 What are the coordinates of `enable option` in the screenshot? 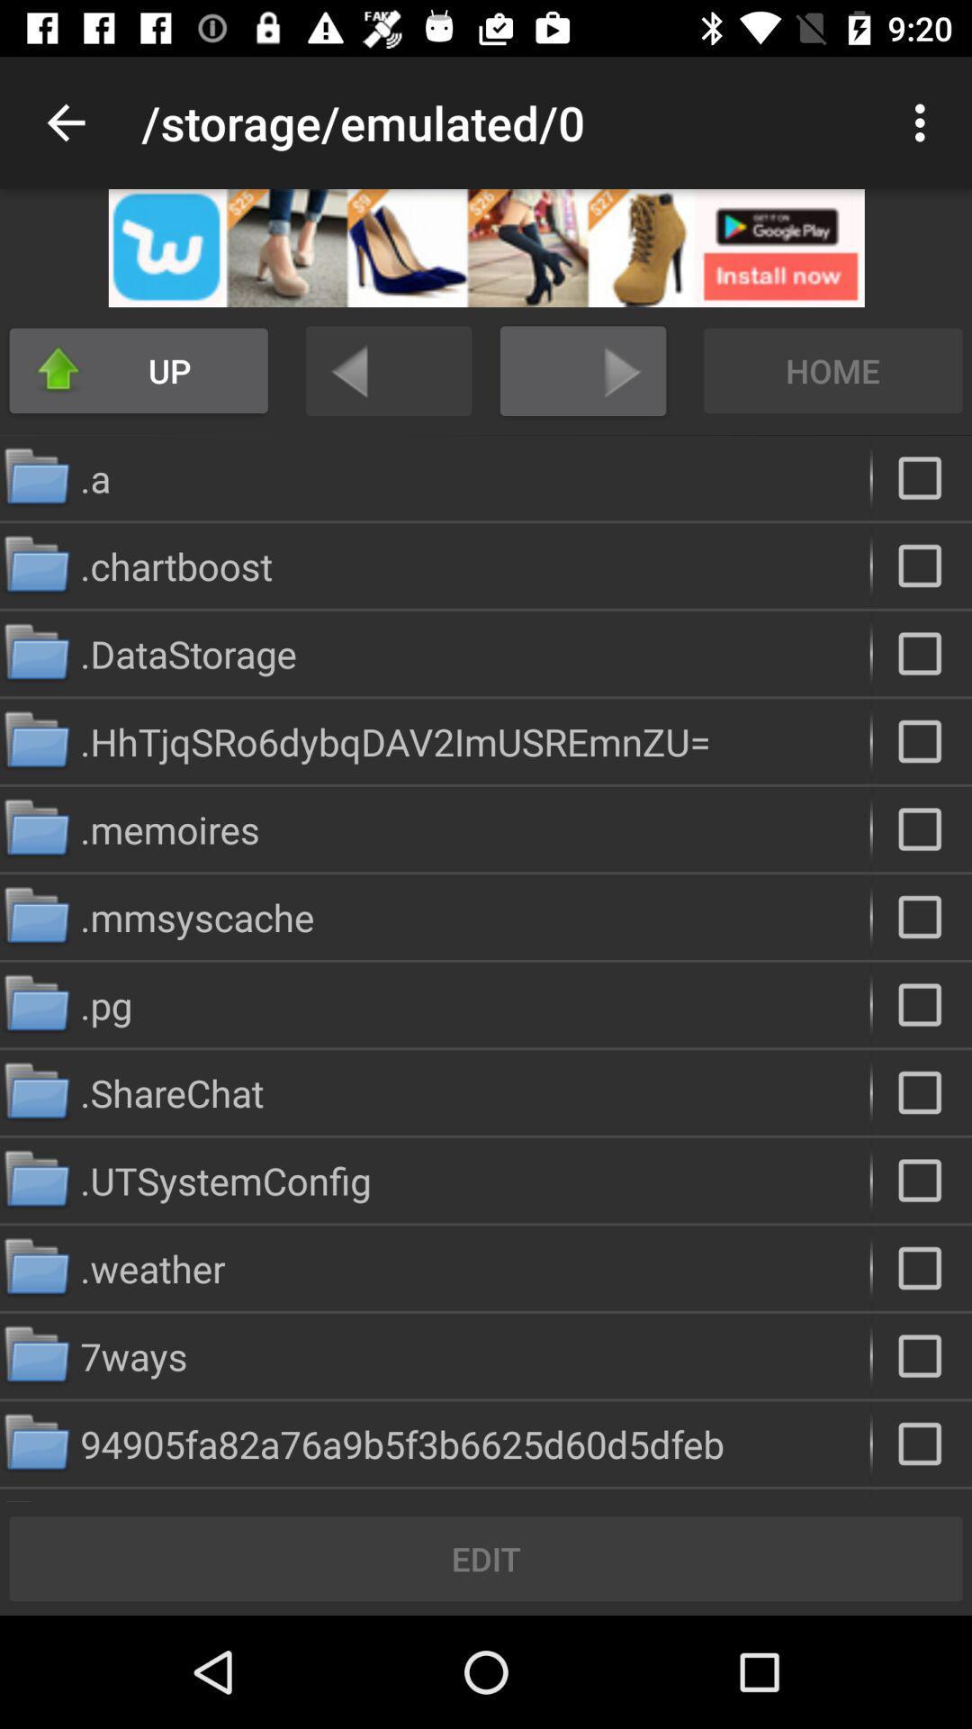 It's located at (922, 1091).